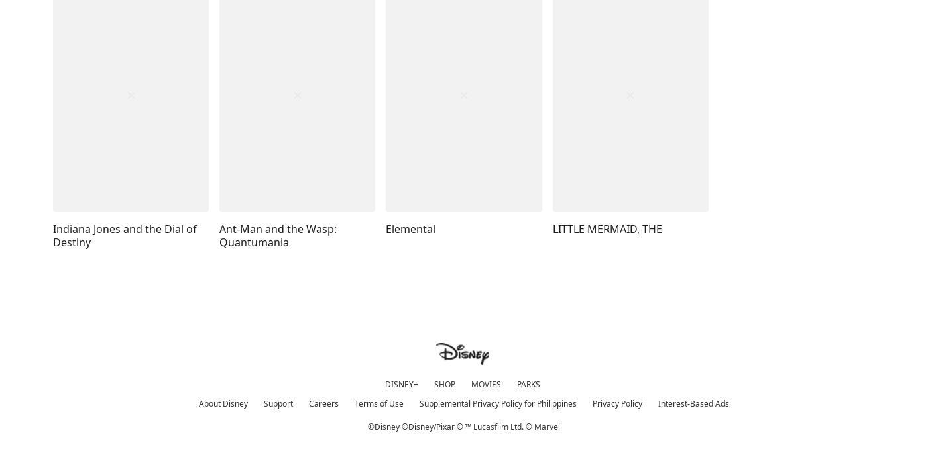  I want to click on 'Ant-Man and the Wasp: Quantumania', so click(278, 235).